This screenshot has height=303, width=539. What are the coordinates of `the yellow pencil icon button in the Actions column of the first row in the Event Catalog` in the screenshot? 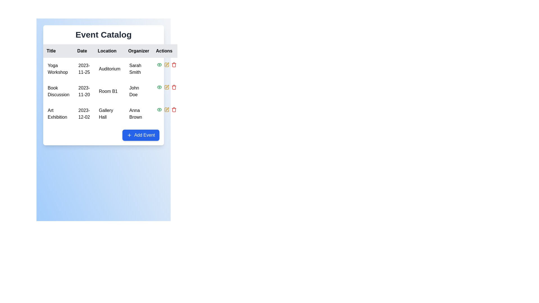 It's located at (166, 65).